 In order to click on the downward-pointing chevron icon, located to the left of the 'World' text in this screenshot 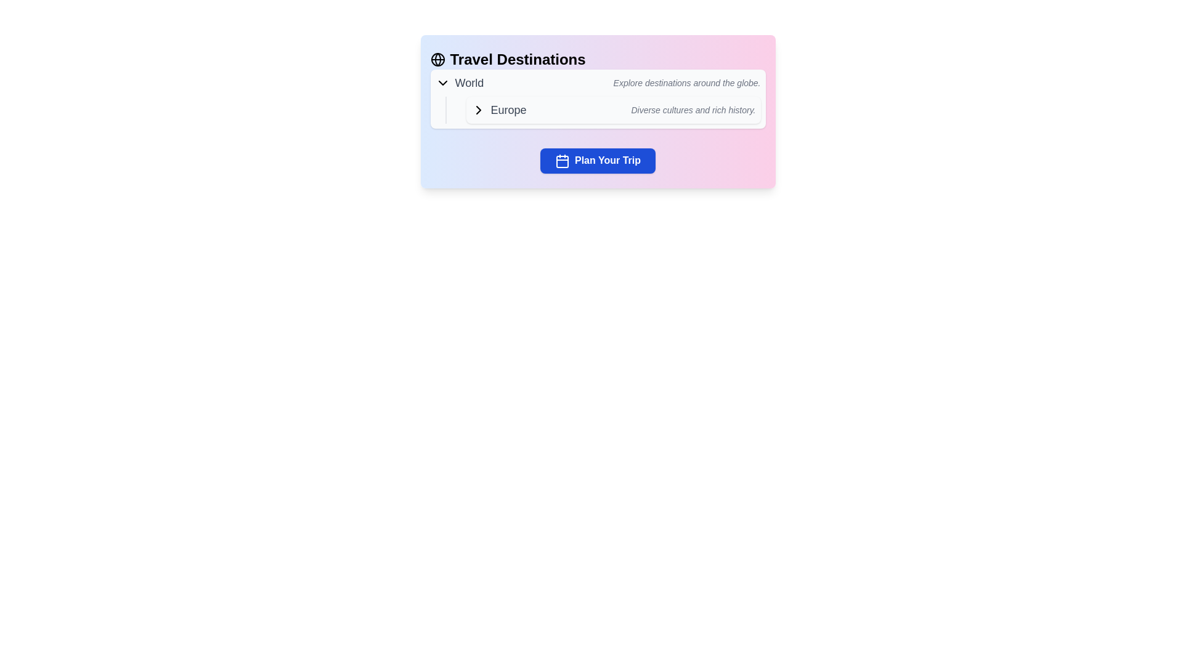, I will do `click(442, 83)`.